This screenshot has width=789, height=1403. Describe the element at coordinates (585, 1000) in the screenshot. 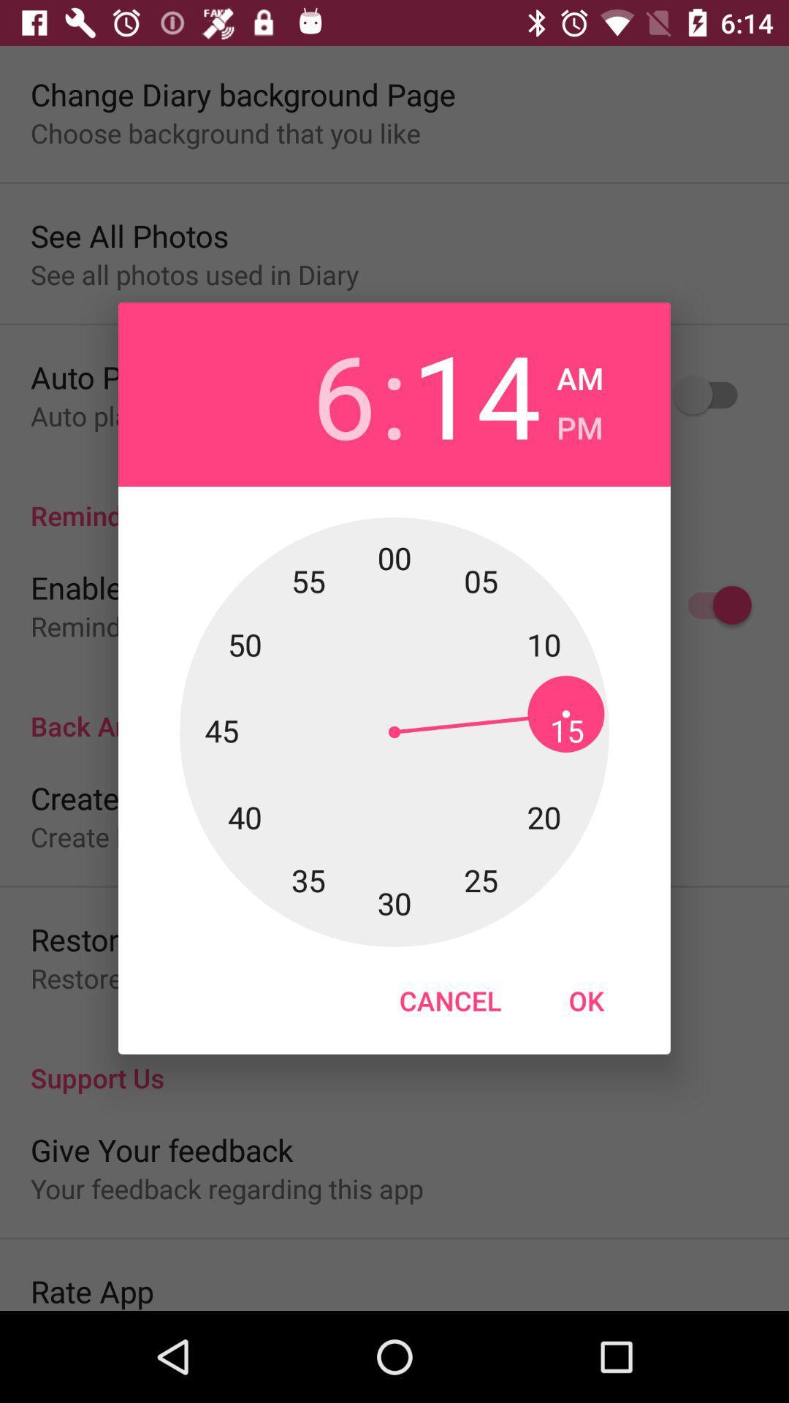

I see `icon to the right of the cancel item` at that location.